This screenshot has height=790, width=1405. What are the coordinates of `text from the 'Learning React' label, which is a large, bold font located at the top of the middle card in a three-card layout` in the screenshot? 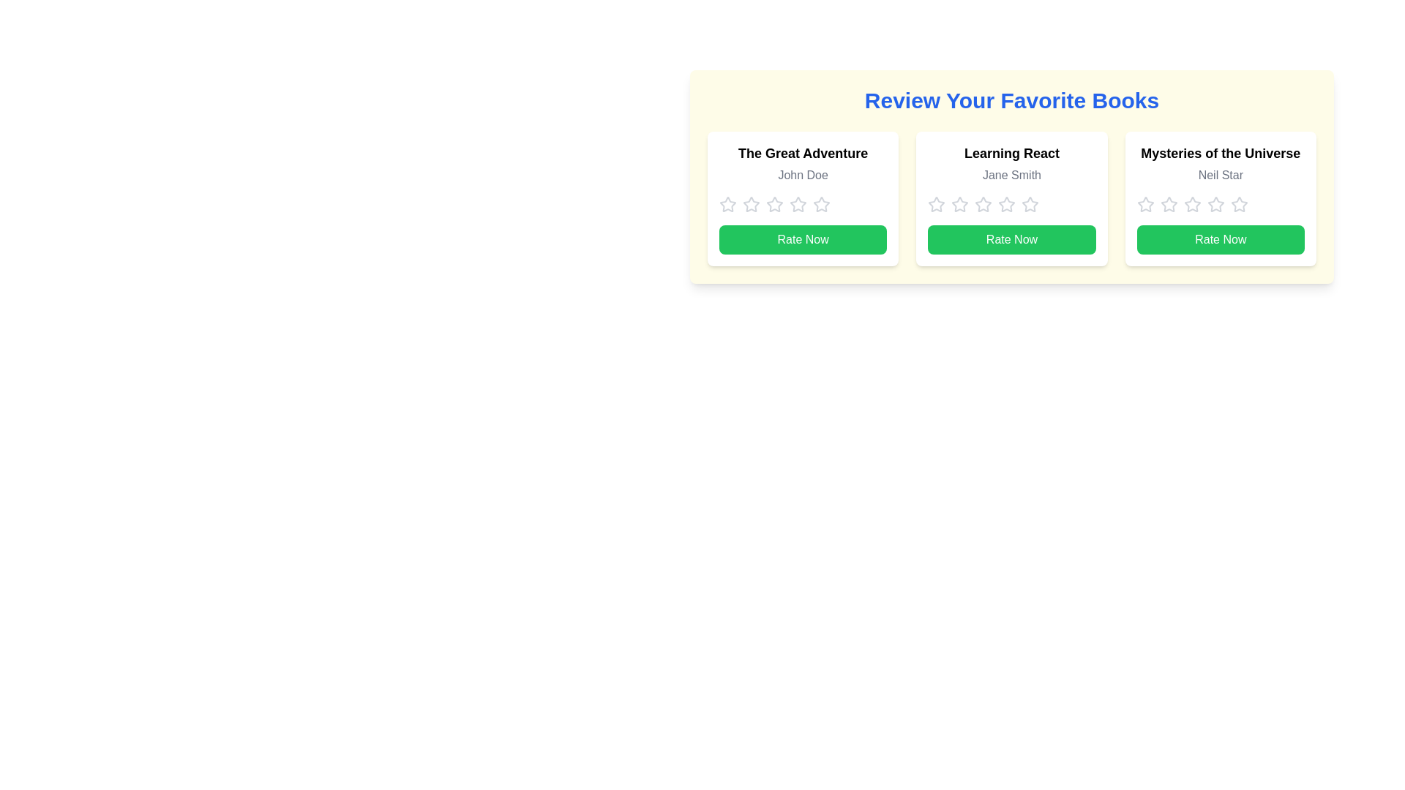 It's located at (1011, 153).